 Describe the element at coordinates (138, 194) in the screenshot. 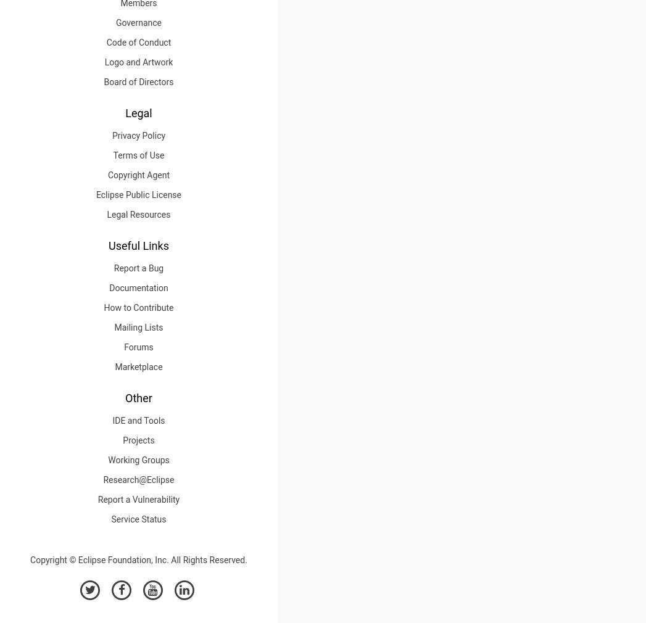

I see `'Eclipse Public License'` at that location.